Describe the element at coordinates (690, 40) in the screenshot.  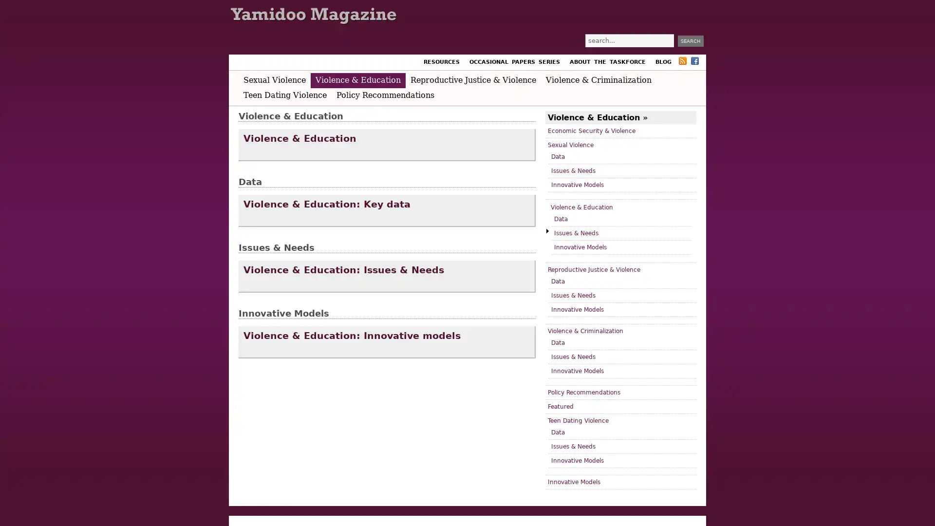
I see `Search` at that location.